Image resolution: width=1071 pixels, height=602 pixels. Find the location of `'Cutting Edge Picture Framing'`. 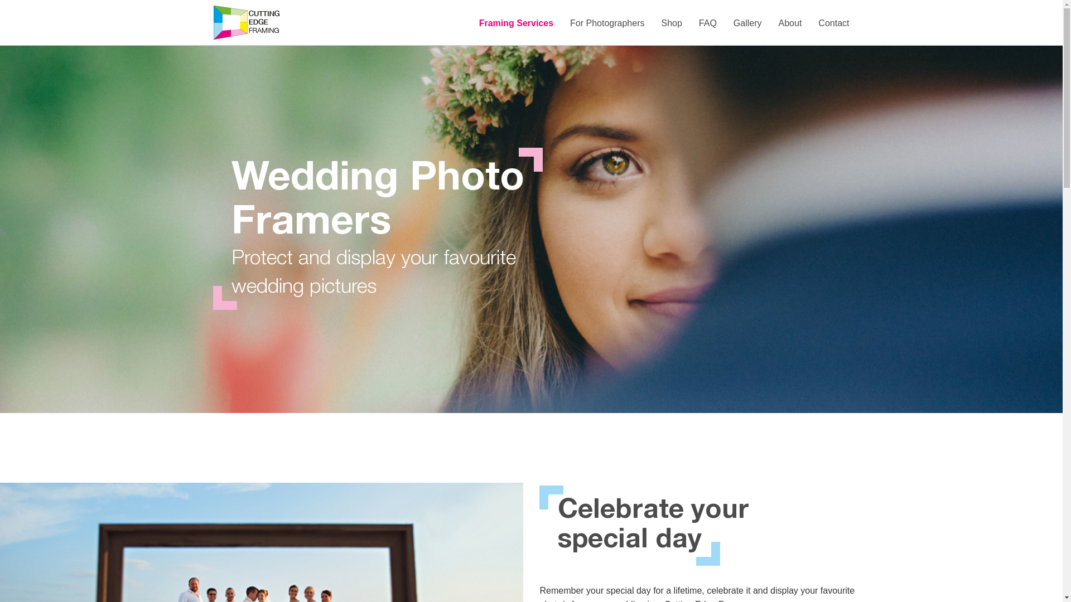

'Cutting Edge Picture Framing' is located at coordinates (245, 22).